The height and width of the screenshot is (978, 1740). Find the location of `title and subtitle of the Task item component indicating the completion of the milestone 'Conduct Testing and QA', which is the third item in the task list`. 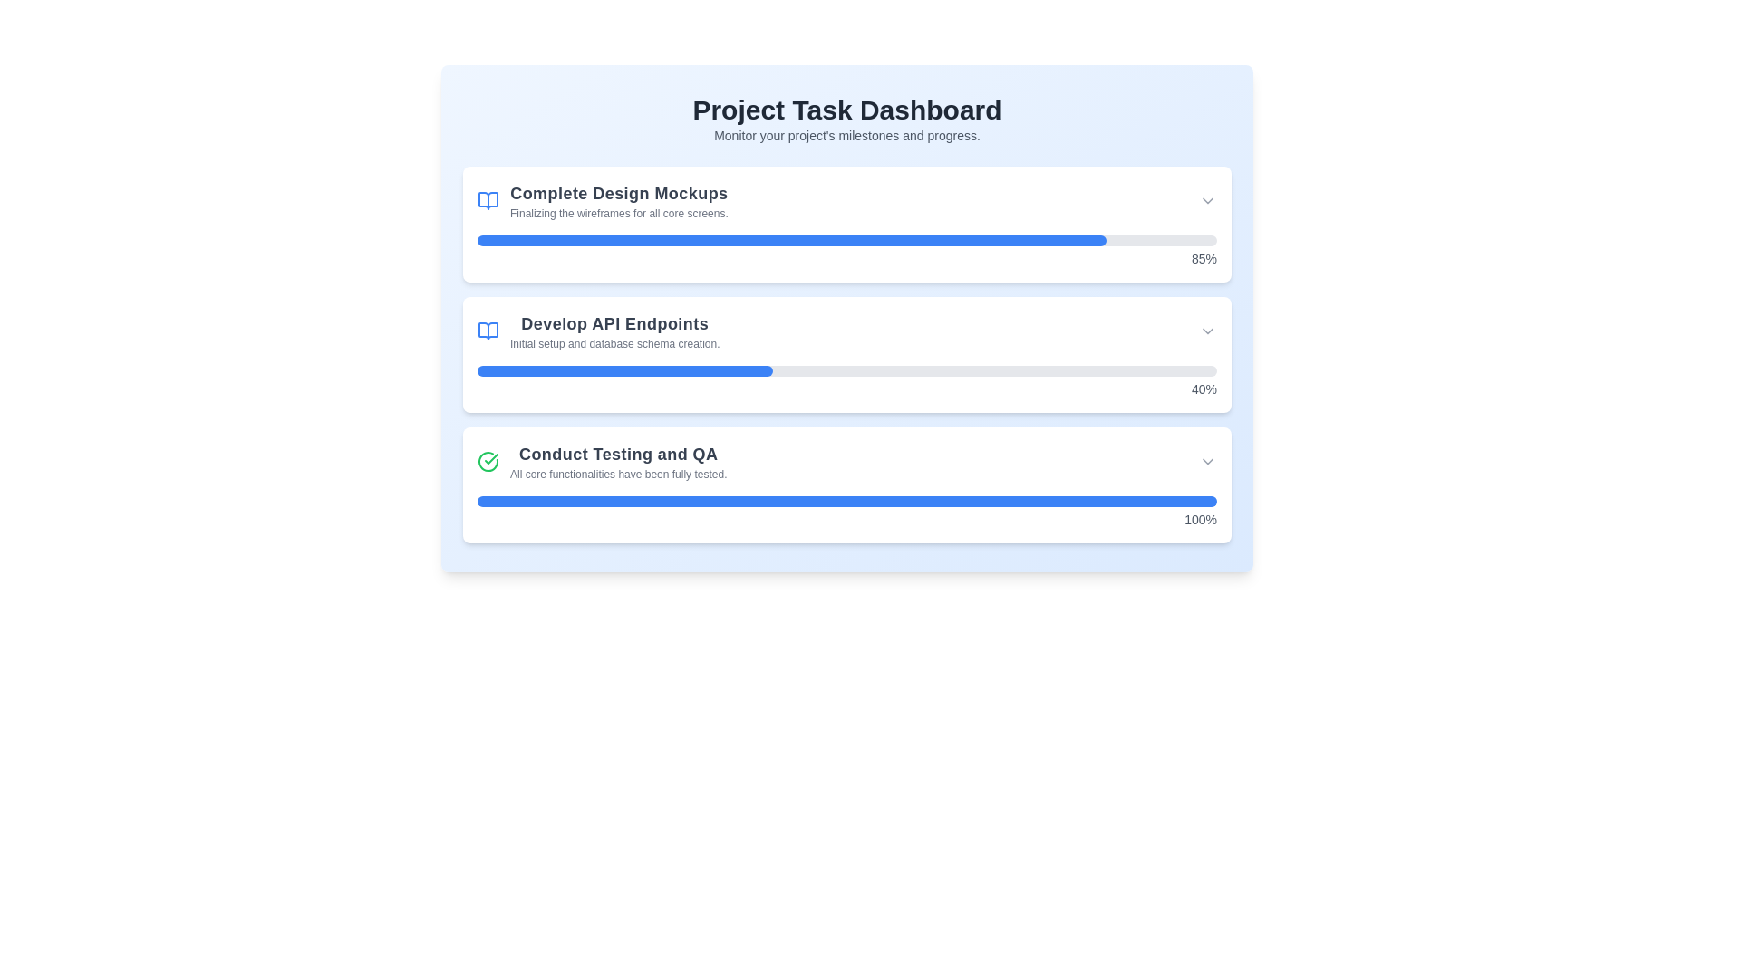

title and subtitle of the Task item component indicating the completion of the milestone 'Conduct Testing and QA', which is the third item in the task list is located at coordinates (602, 460).